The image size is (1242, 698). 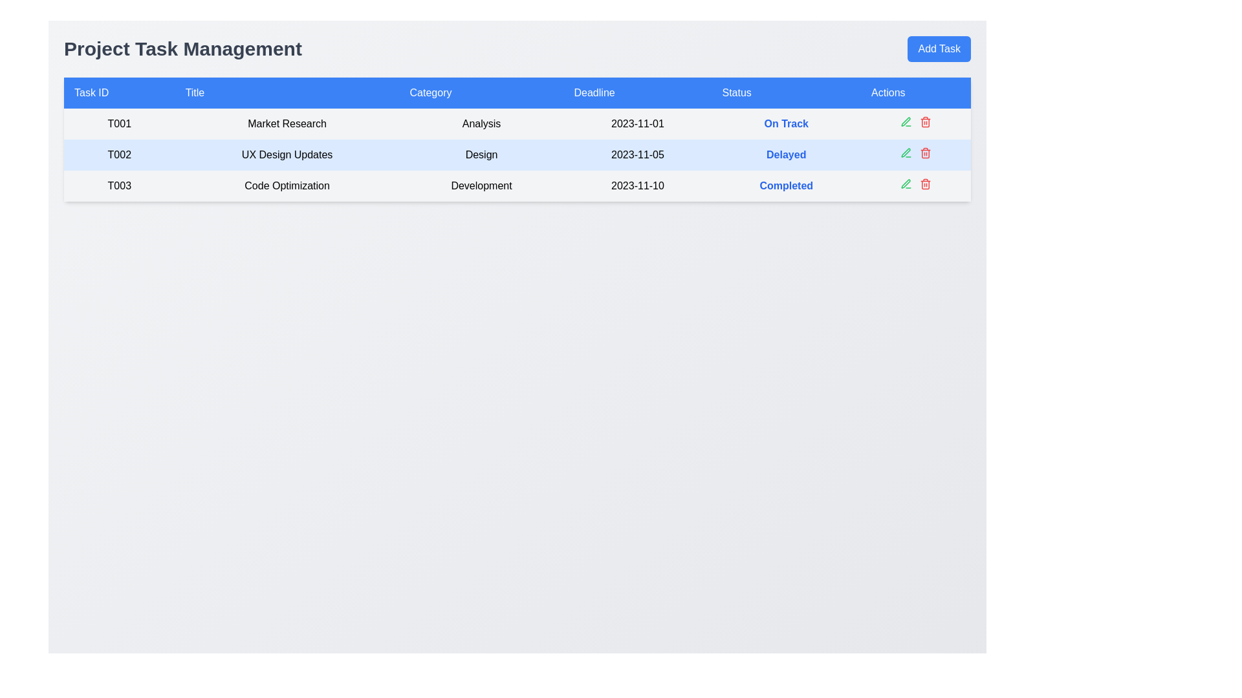 What do you see at coordinates (915, 184) in the screenshot?
I see `the group of interactive icons located in the last row of the table under the 'Actions' column, aligned to the right of the 'T003' task` at bounding box center [915, 184].